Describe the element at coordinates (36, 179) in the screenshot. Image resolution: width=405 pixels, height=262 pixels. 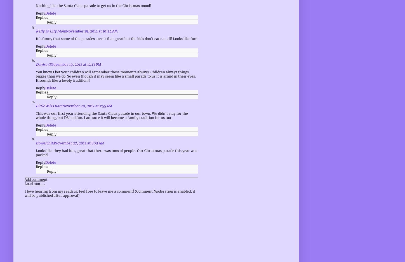
I see `'Add comment'` at that location.